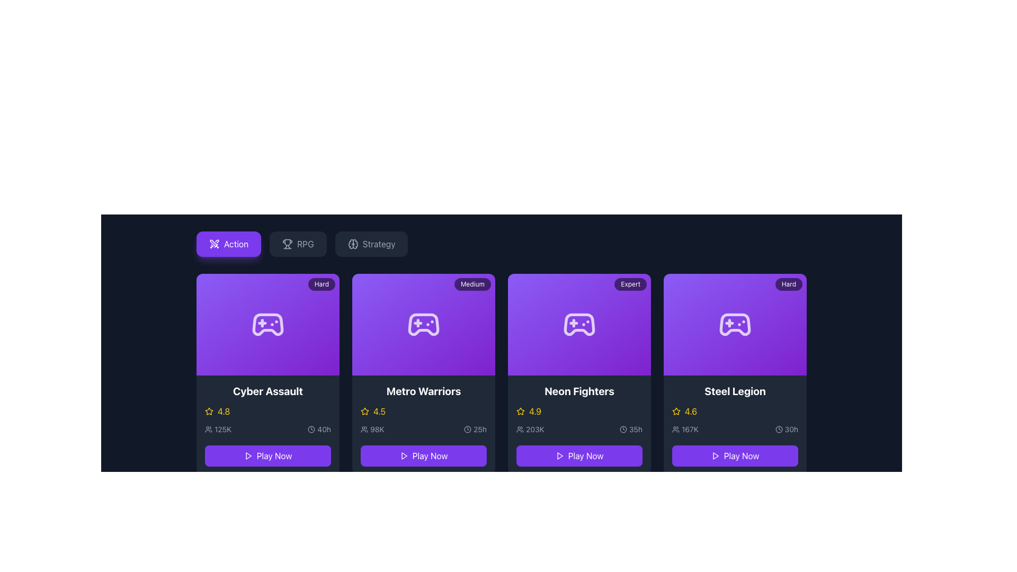  I want to click on the 'Play Now' text label, which is styled in a clean and modern font with white color on a purple button, located at the bottom-center of the 'Steel Legion' game card for visual feedback, so click(741, 455).